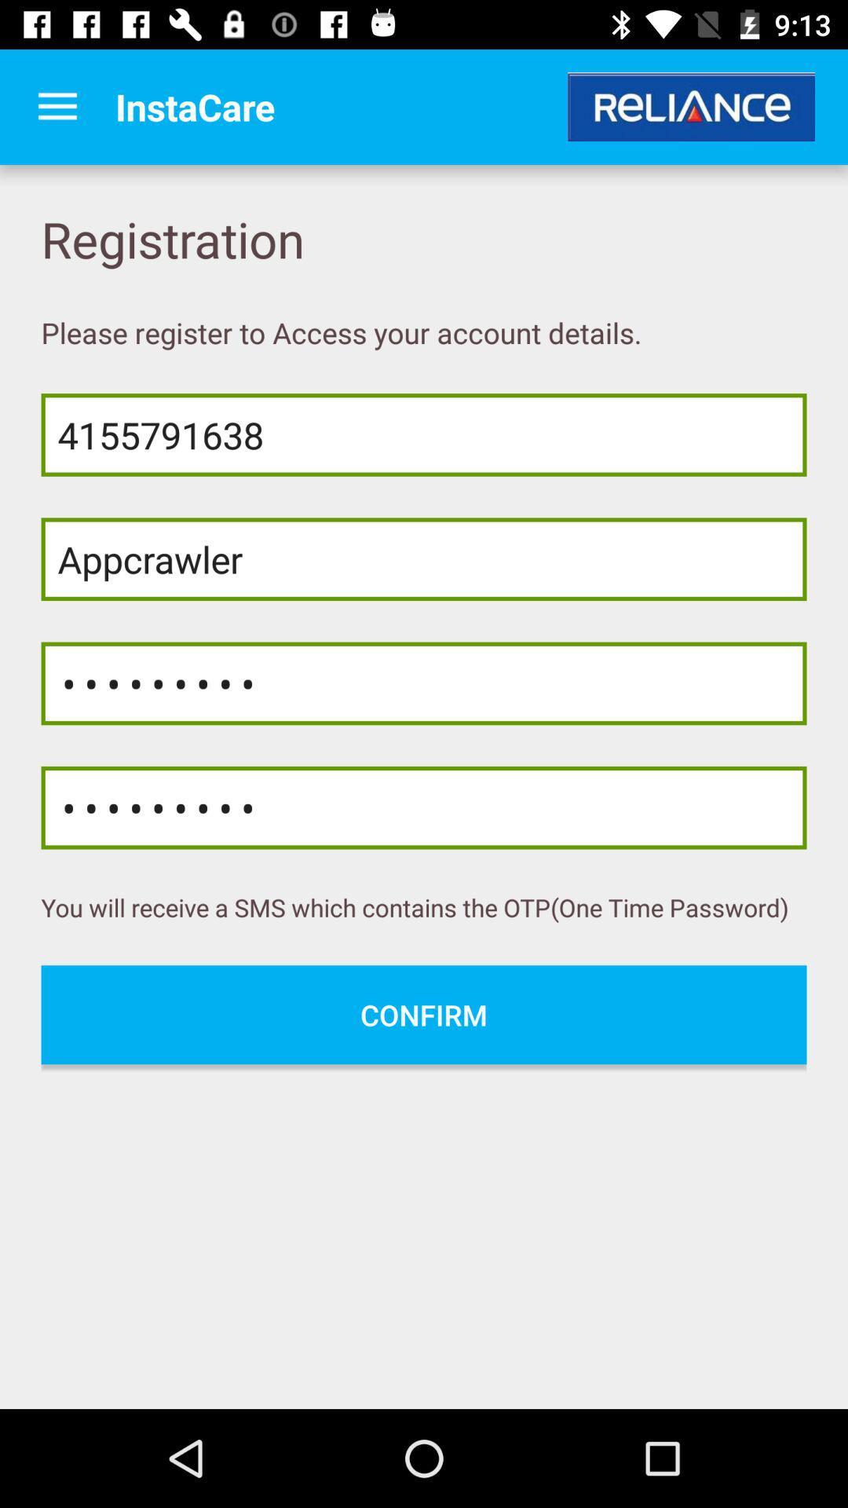 The width and height of the screenshot is (848, 1508). What do you see at coordinates (57, 106) in the screenshot?
I see `icon to the left of instacare item` at bounding box center [57, 106].